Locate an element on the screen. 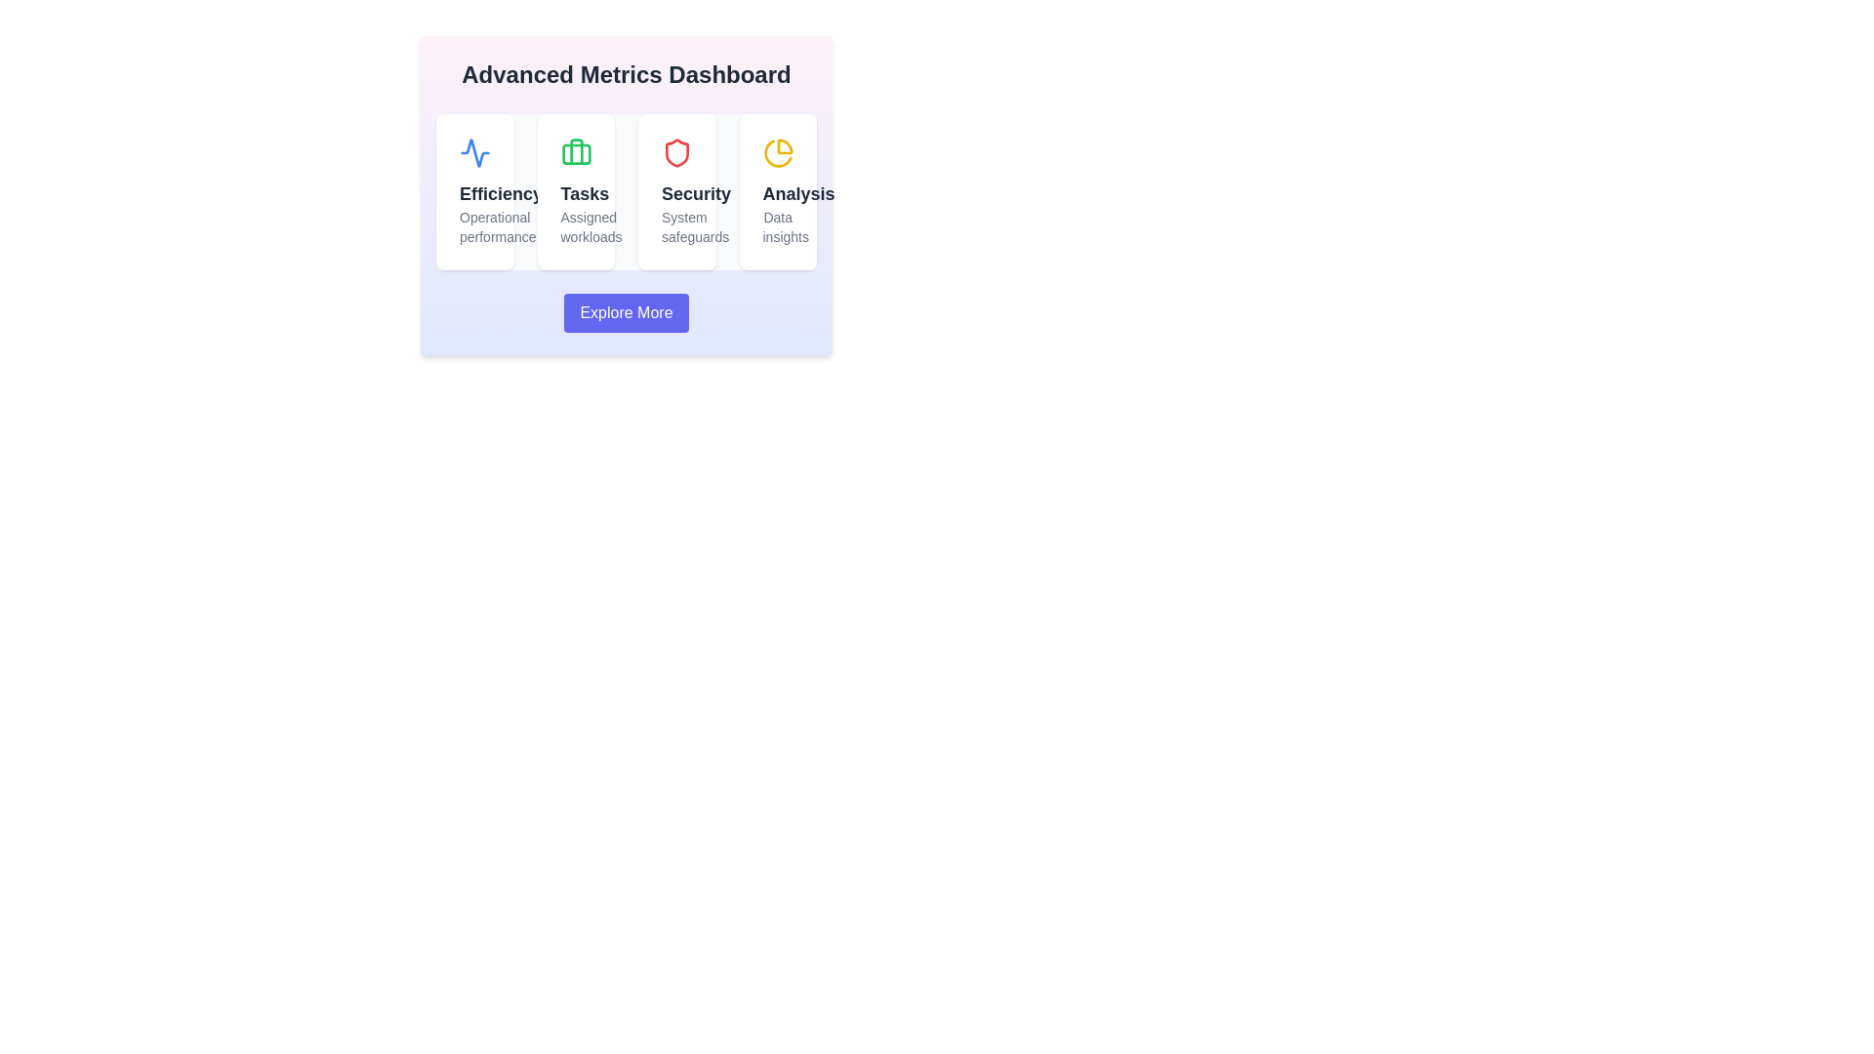  the call-to-action button located under the 'Advanced Metrics Dashboard' section is located at coordinates (627, 311).